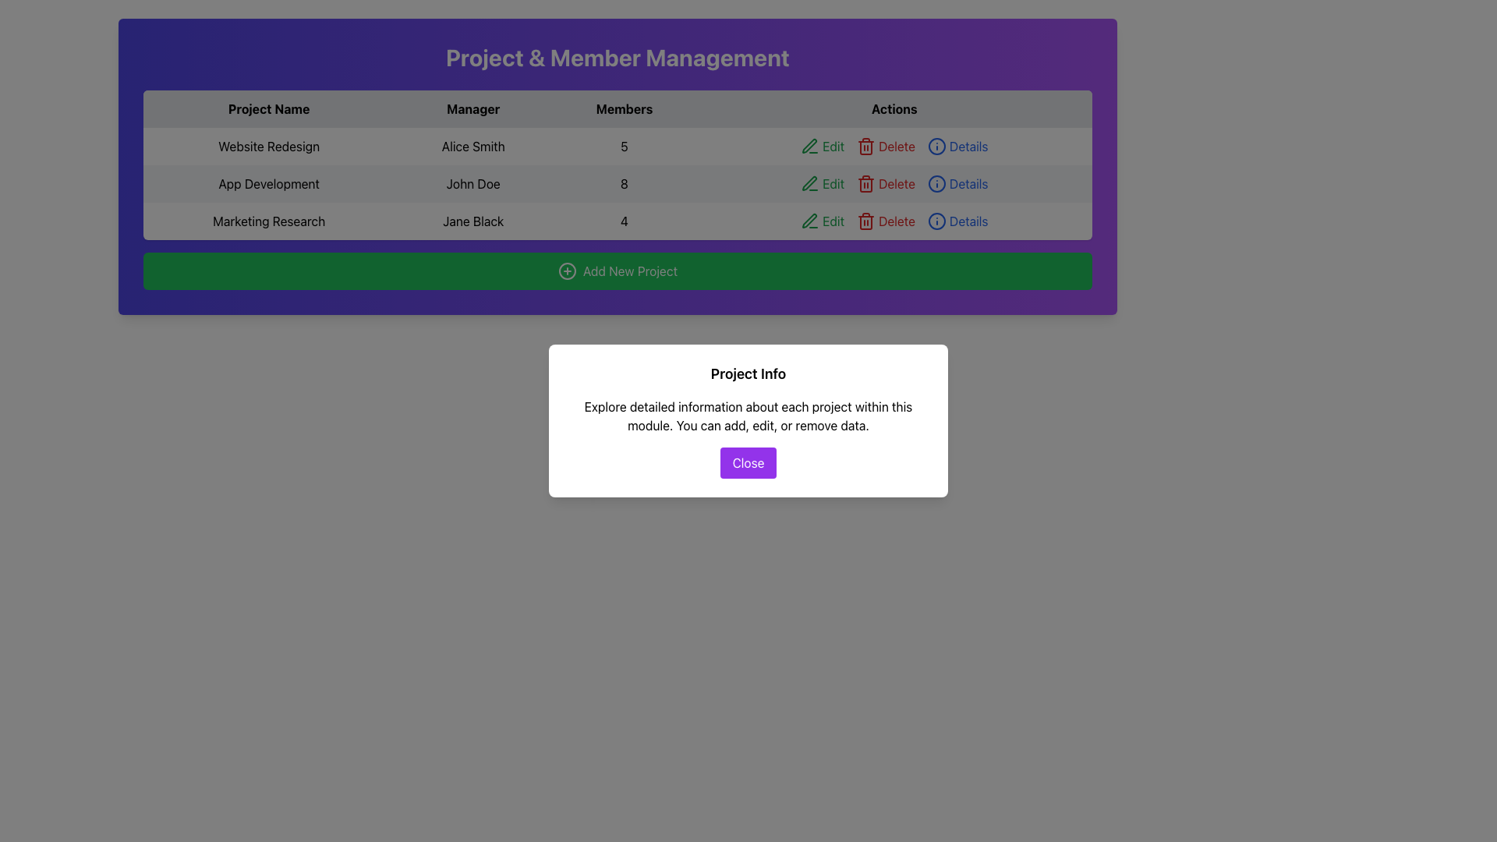 The width and height of the screenshot is (1497, 842). I want to click on the static text label that serves as the last column header for the 'Actions' section of the table, located to the right of the 'Members' header, so click(894, 108).